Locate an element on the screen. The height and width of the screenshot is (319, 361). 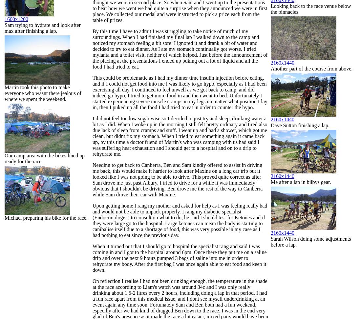
'Michael preparing his bike for the race.' is located at coordinates (46, 217).